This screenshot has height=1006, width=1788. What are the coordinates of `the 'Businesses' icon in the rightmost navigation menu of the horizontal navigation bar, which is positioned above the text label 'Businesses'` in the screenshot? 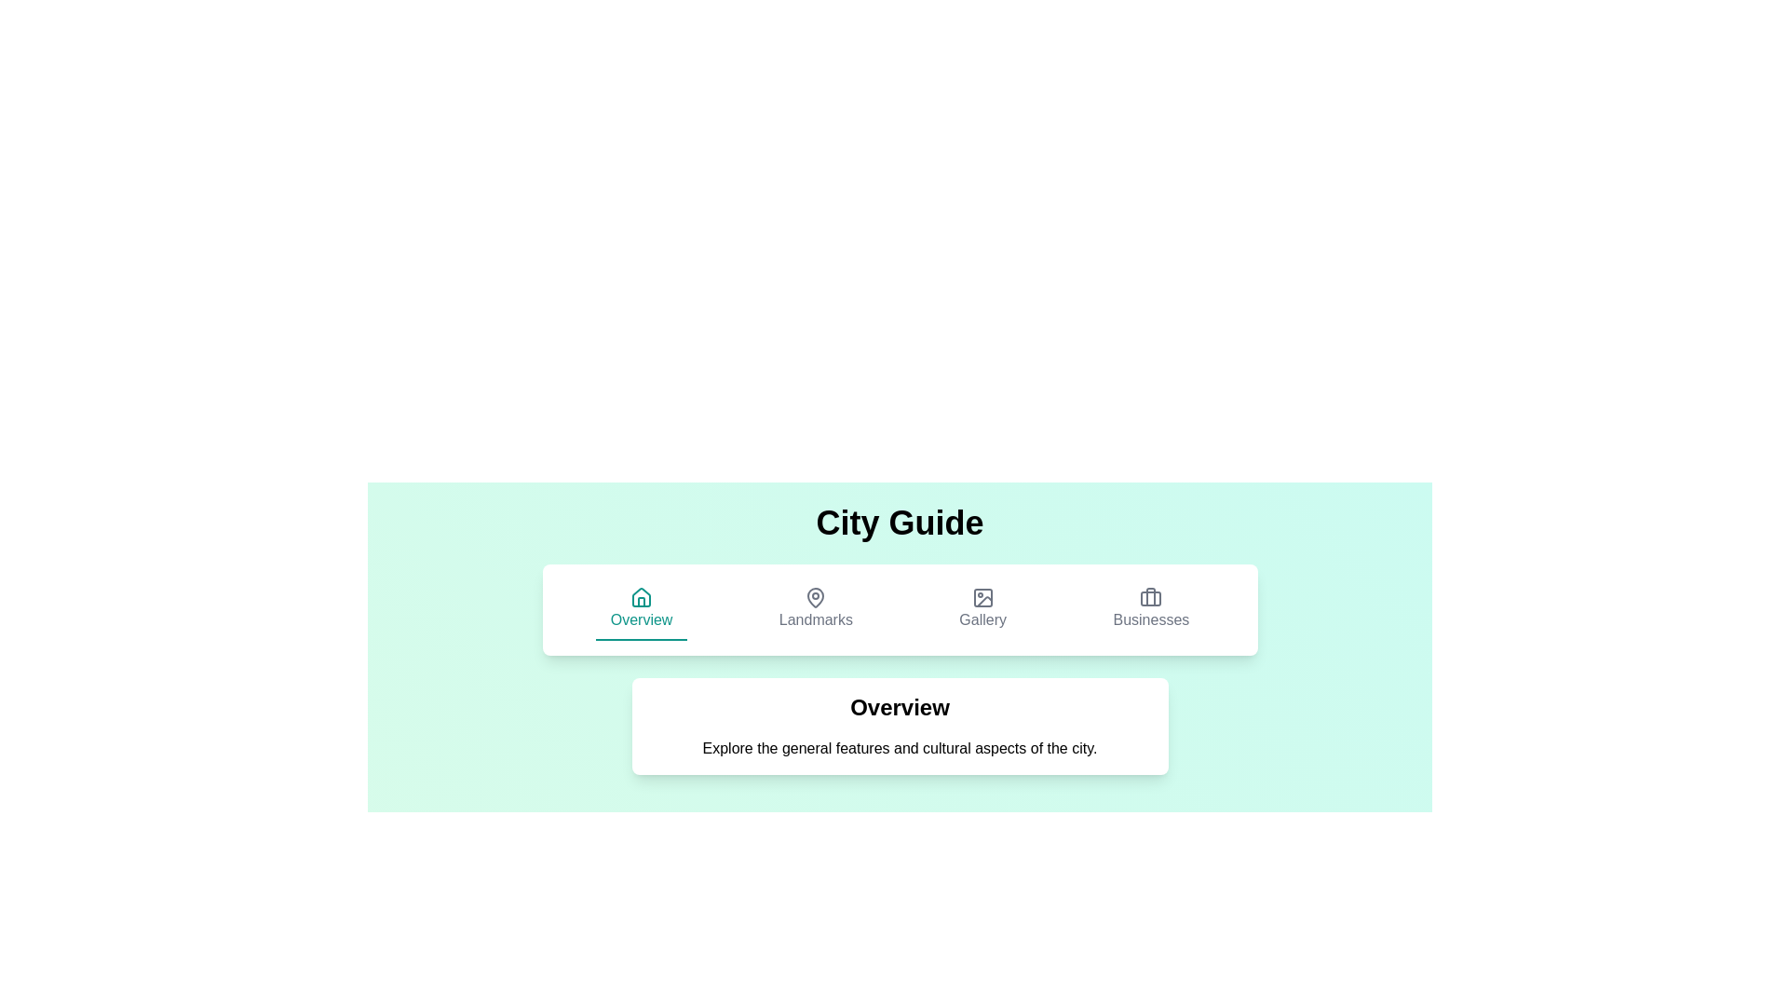 It's located at (1150, 597).